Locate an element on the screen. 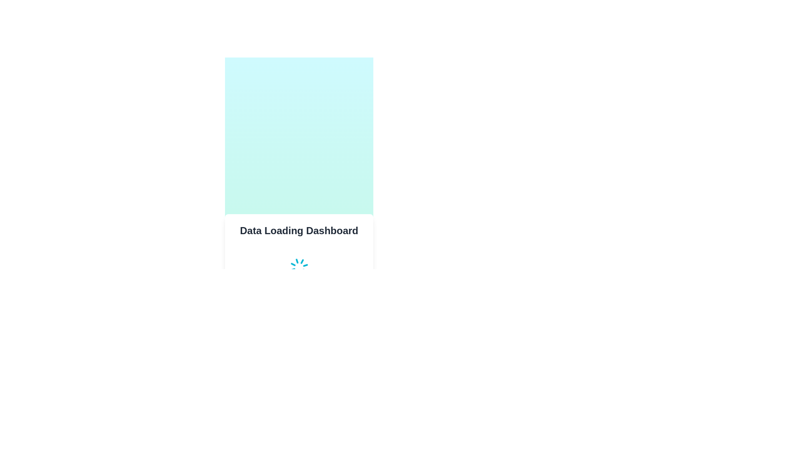  the cyan spinning loader icon located just below the 'Data Loading Dashboard' label is located at coordinates (299, 267).